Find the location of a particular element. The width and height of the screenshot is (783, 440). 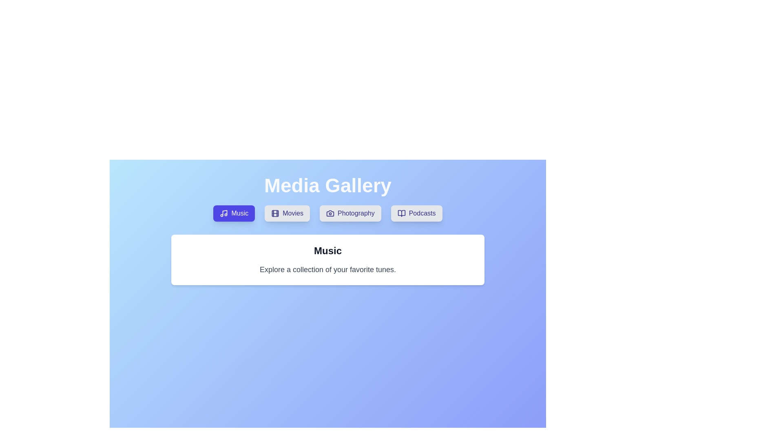

the Podcasts tab by clicking on its button is located at coordinates (416, 213).